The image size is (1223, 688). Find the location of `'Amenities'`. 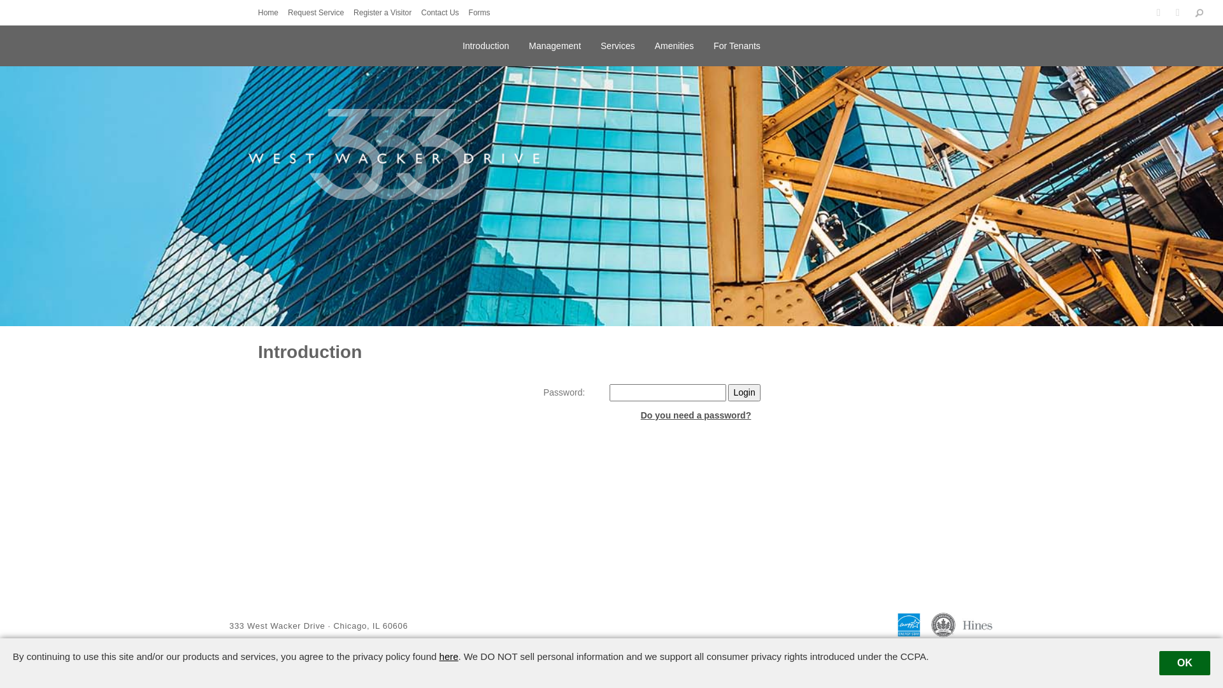

'Amenities' is located at coordinates (654, 43).